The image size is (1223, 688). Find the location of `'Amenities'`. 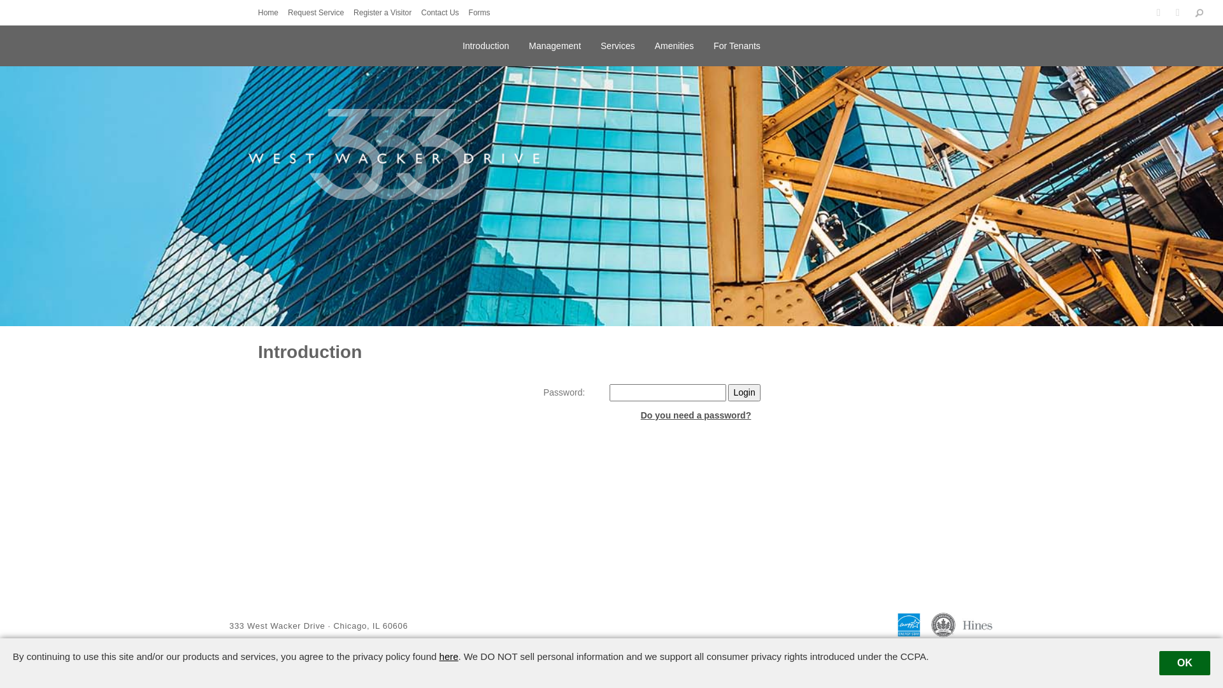

'Amenities' is located at coordinates (654, 43).